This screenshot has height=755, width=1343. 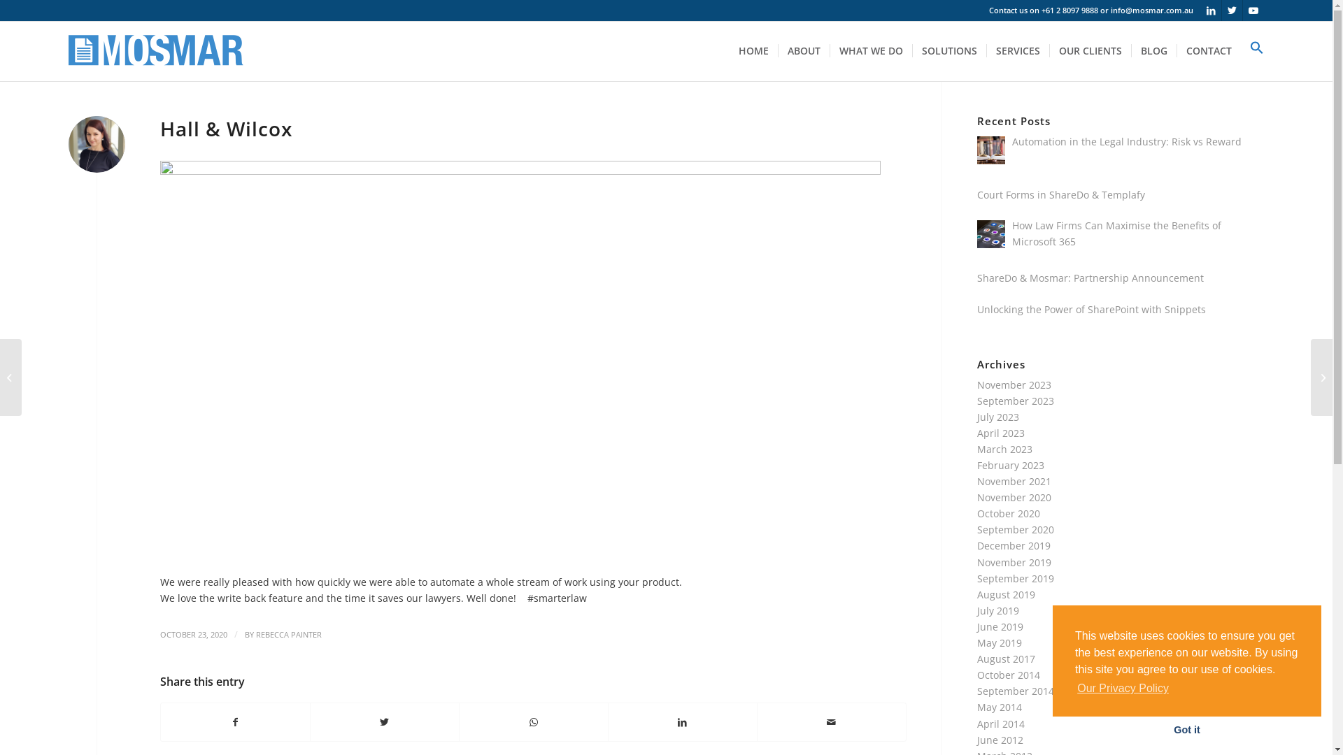 I want to click on 'SOLUTIONS', so click(x=949, y=50).